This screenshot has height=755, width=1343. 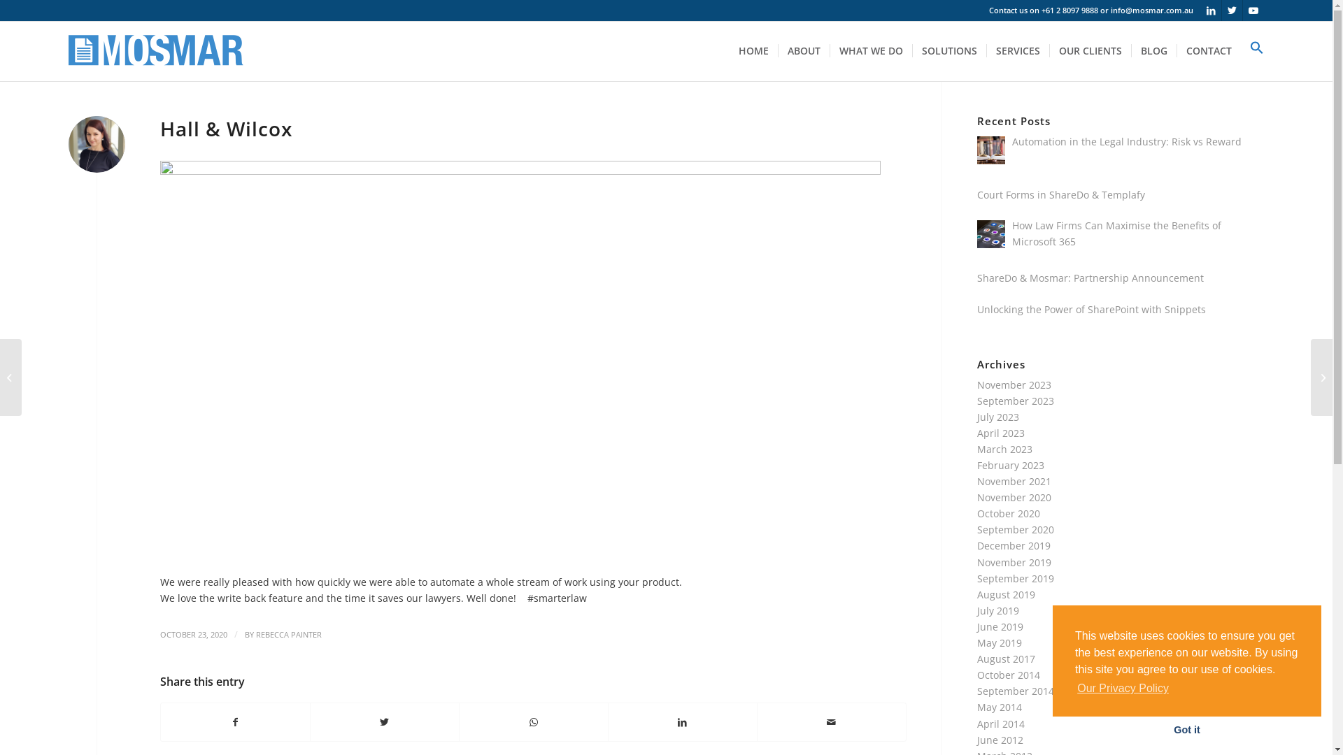 I want to click on 'SOLUTIONS', so click(x=949, y=50).